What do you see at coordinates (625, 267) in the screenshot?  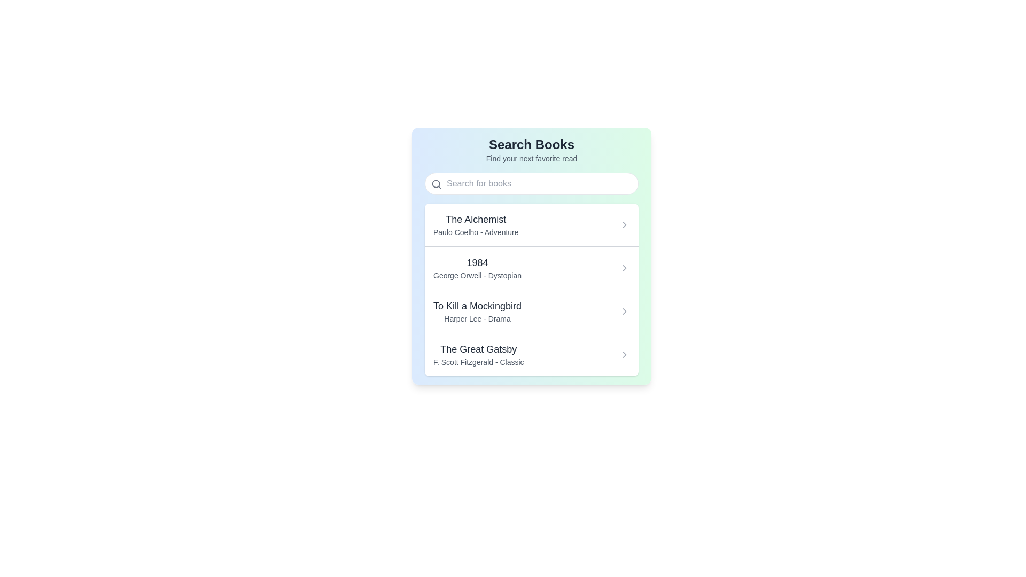 I see `the navigation icon located to the right of the text '1984', which visually represents additional details or actions available` at bounding box center [625, 267].